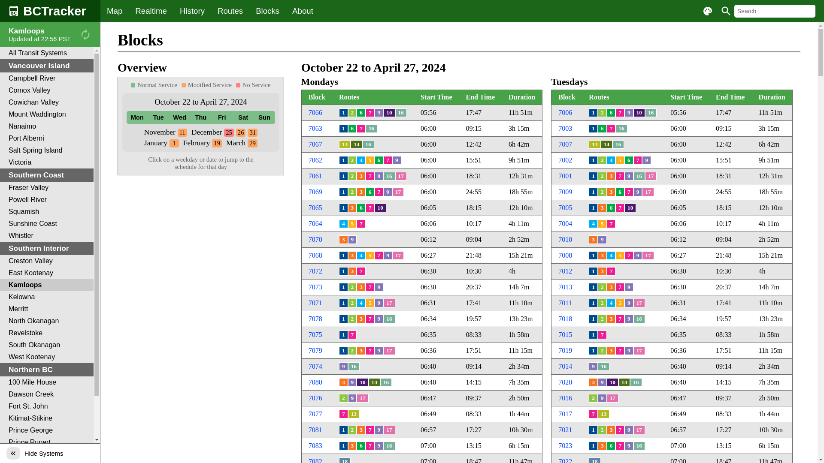 This screenshot has height=463, width=824. Describe the element at coordinates (588, 208) in the screenshot. I see `'1'` at that location.